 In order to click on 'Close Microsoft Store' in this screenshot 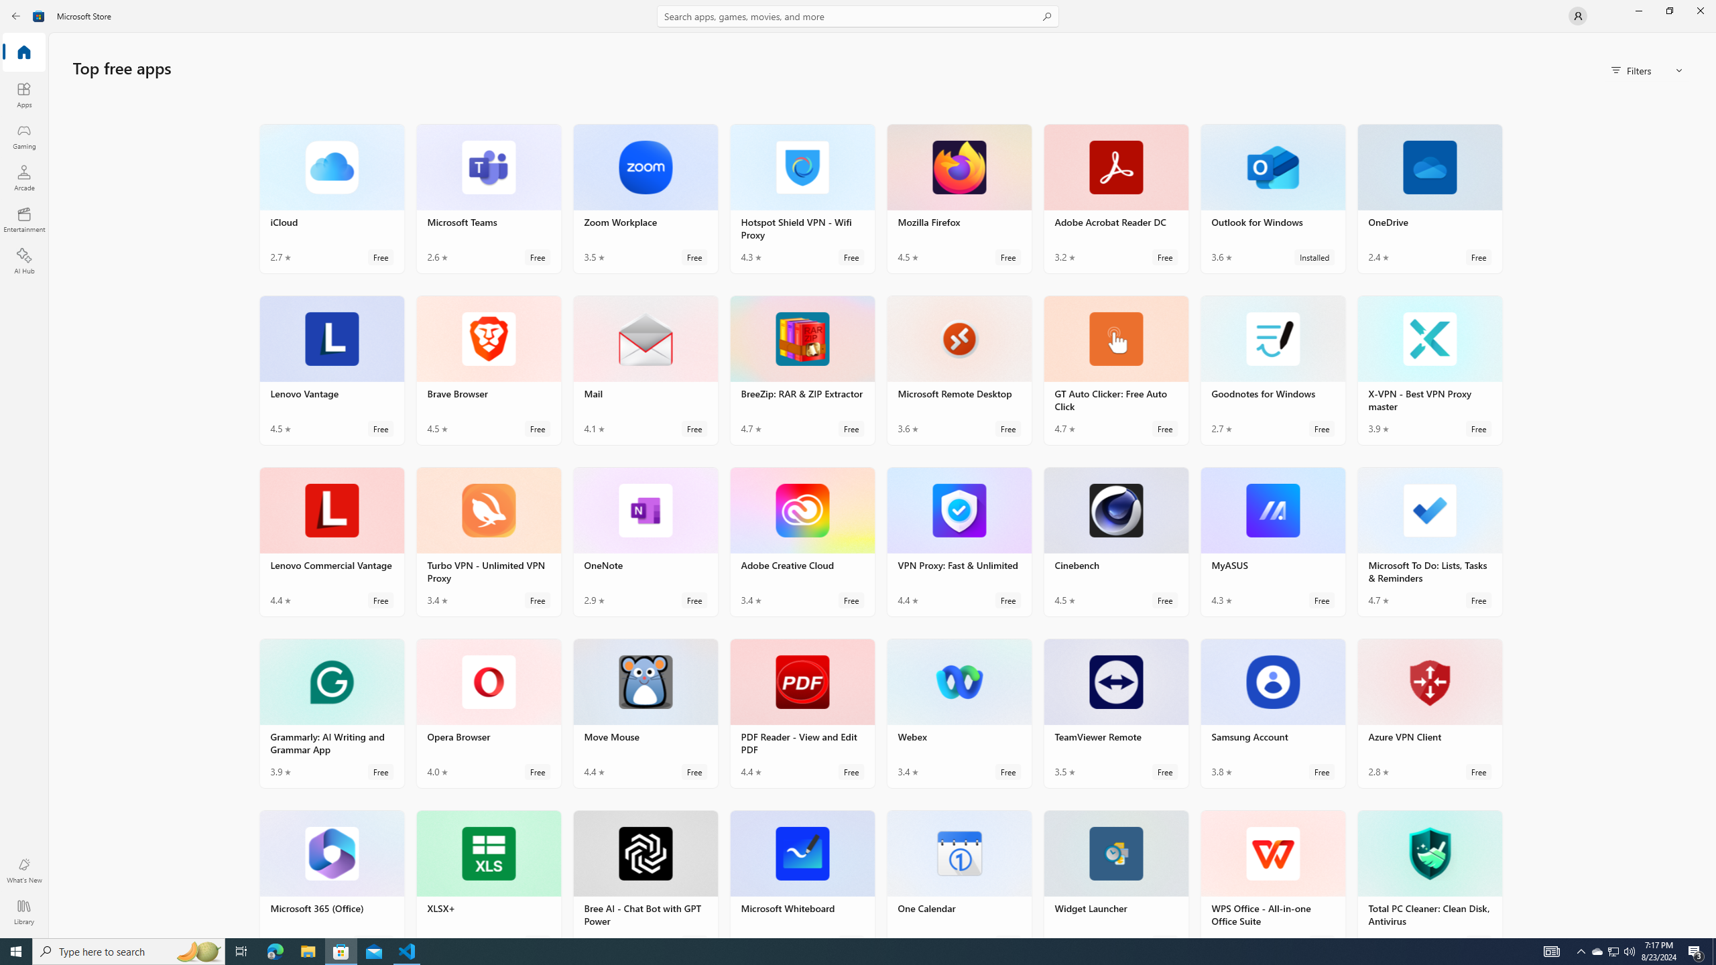, I will do `click(1699, 10)`.